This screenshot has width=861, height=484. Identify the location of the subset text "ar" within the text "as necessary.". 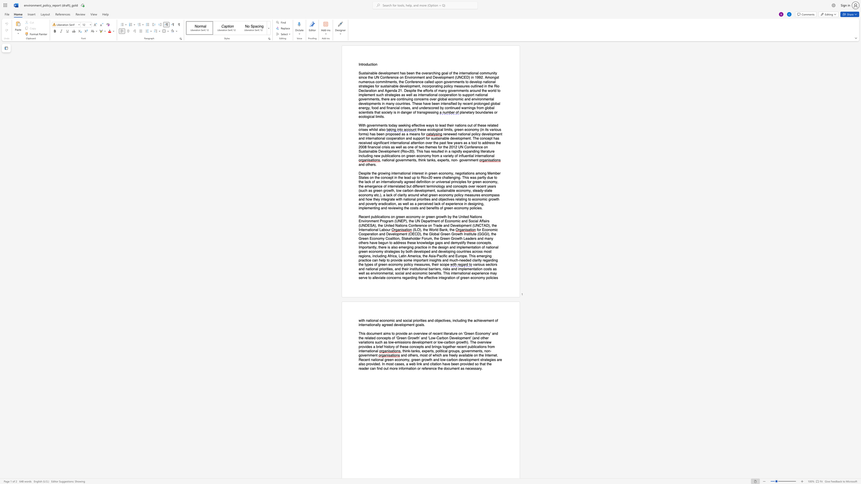
(477, 368).